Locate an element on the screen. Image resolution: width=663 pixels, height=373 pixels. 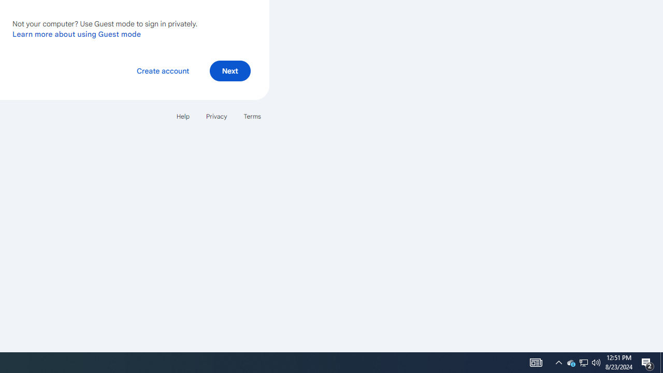
'Learn more about using Guest mode' is located at coordinates (76, 33).